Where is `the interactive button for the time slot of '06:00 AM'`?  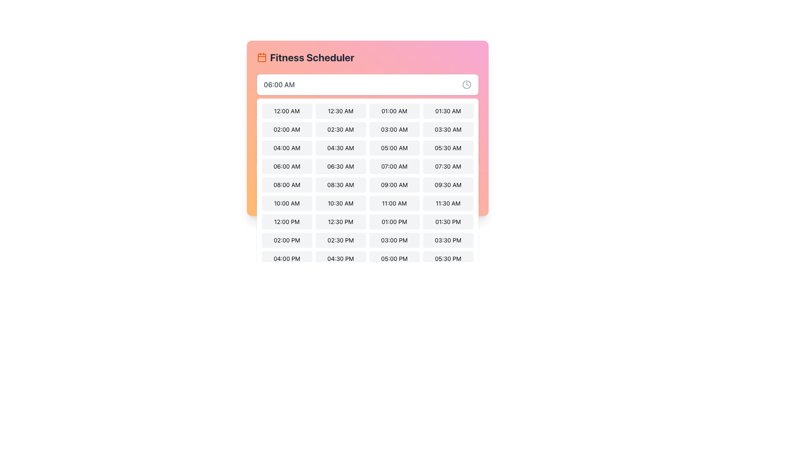 the interactive button for the time slot of '06:00 AM' is located at coordinates (287, 167).